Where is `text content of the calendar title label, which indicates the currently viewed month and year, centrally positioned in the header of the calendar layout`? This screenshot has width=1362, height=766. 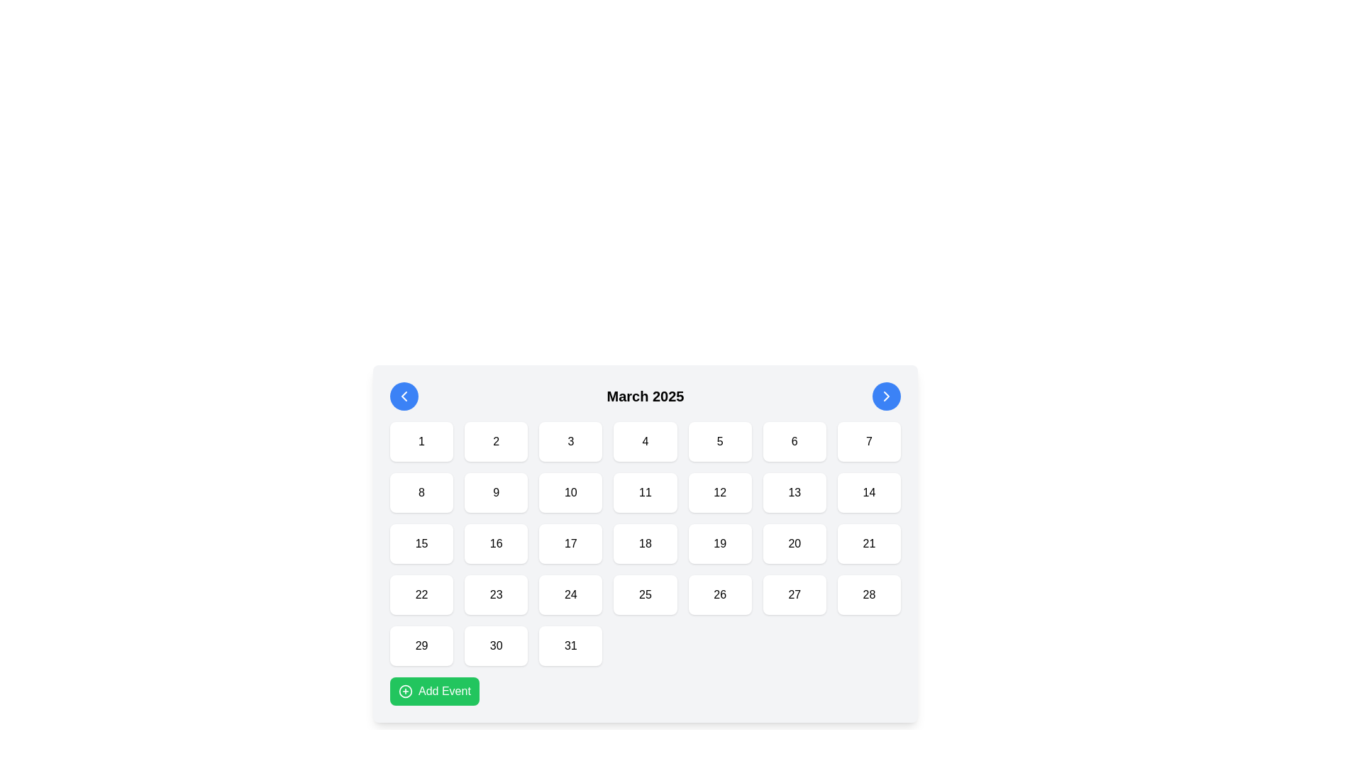
text content of the calendar title label, which indicates the currently viewed month and year, centrally positioned in the header of the calendar layout is located at coordinates (645, 396).